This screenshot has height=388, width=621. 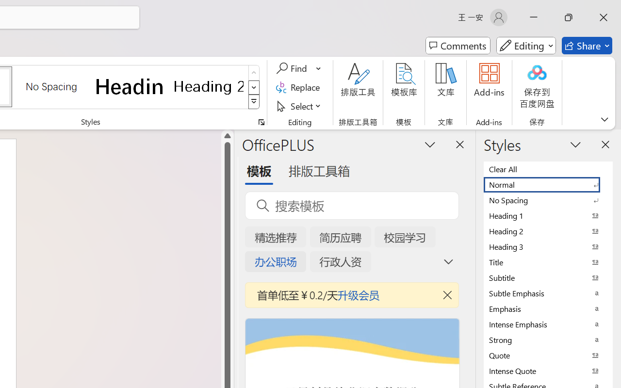 I want to click on 'Comments', so click(x=458, y=46).